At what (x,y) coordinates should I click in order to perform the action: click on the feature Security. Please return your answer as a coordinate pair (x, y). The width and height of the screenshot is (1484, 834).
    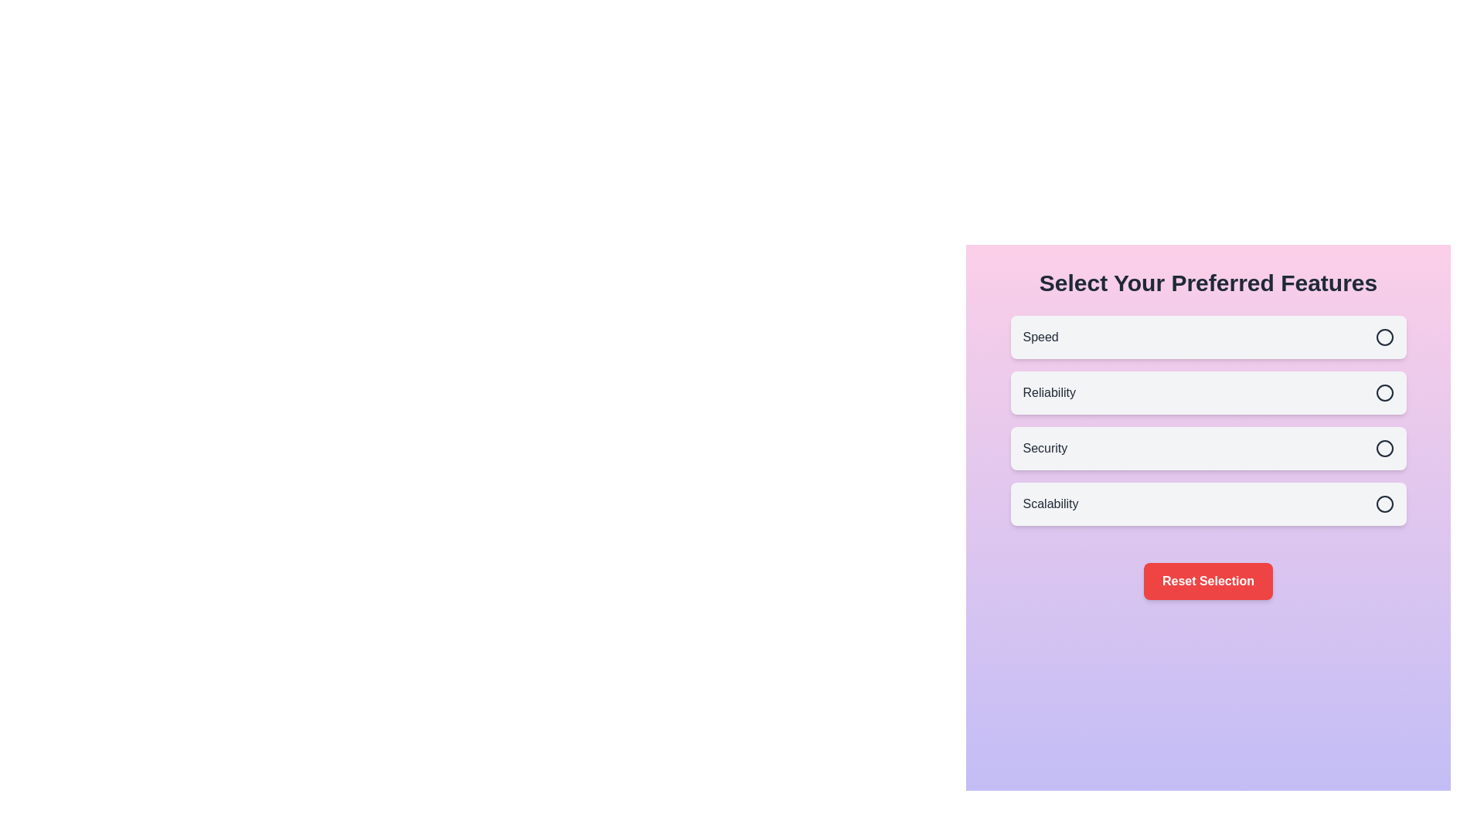
    Looking at the image, I should click on (1207, 449).